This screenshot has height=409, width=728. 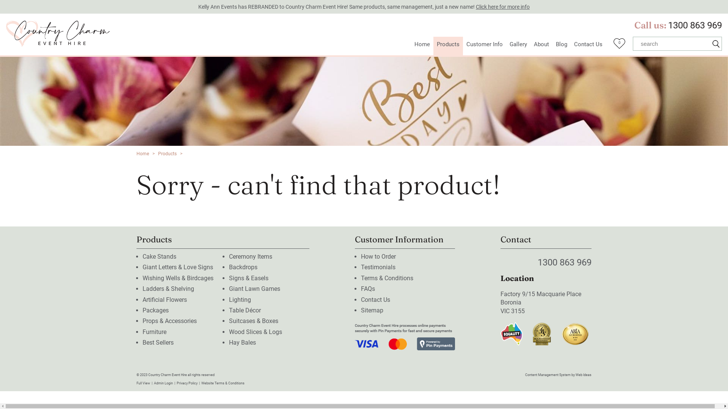 What do you see at coordinates (142, 310) in the screenshot?
I see `'Packages'` at bounding box center [142, 310].